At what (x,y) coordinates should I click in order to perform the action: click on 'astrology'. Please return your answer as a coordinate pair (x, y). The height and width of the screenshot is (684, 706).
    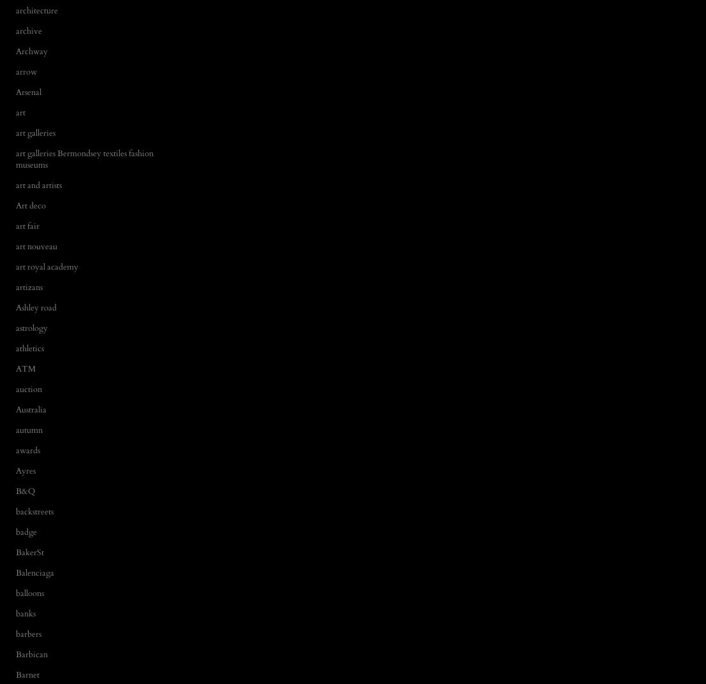
    Looking at the image, I should click on (31, 326).